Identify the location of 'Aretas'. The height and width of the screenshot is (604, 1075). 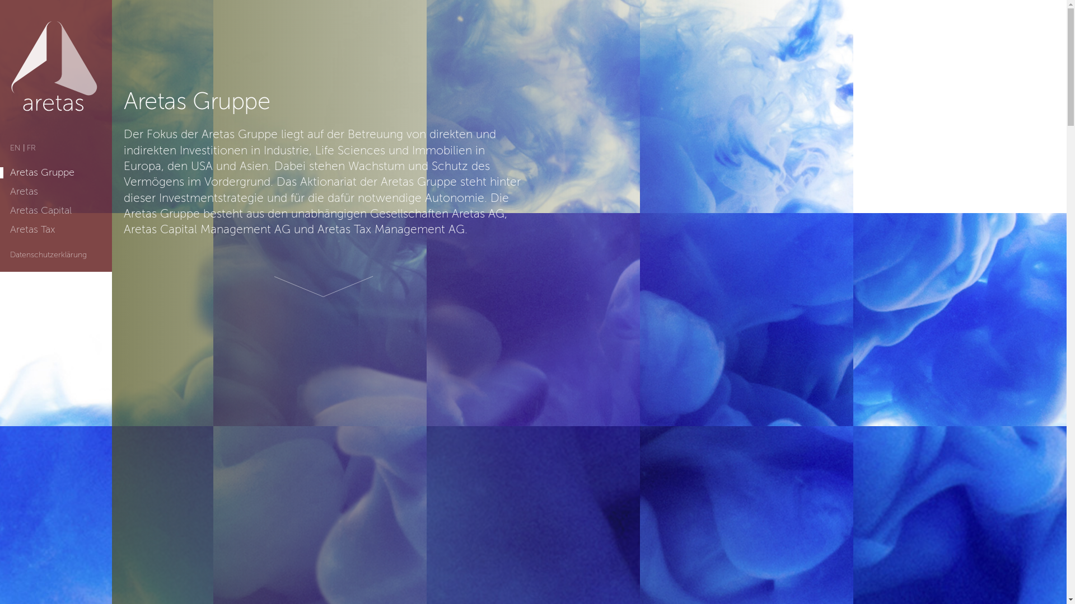
(24, 191).